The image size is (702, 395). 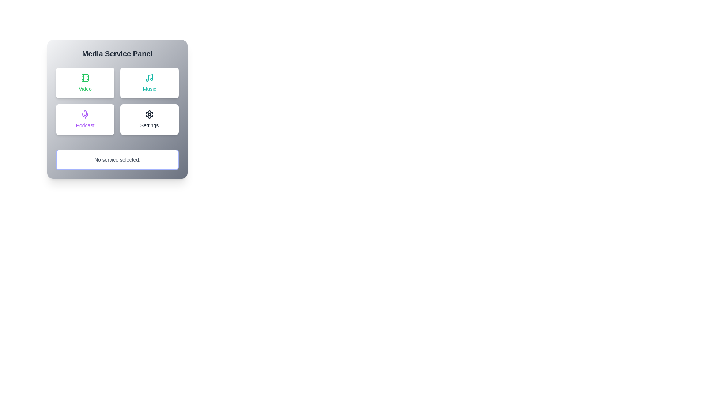 What do you see at coordinates (149, 114) in the screenshot?
I see `the 'Settings' icon located in the bottom-right section of the 'Media Service Panel'` at bounding box center [149, 114].